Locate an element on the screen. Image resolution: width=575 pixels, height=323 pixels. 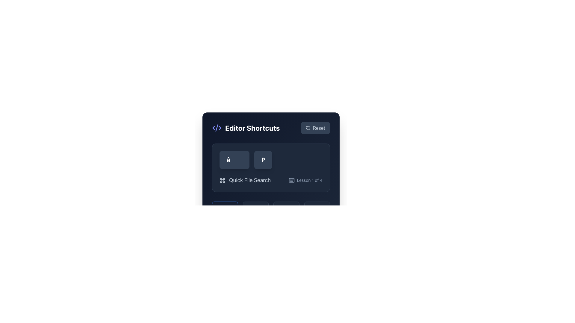
the decorative icon representing XML coding functionalities located to the far left of the 'Editor Shortcuts' header is located at coordinates (217, 128).